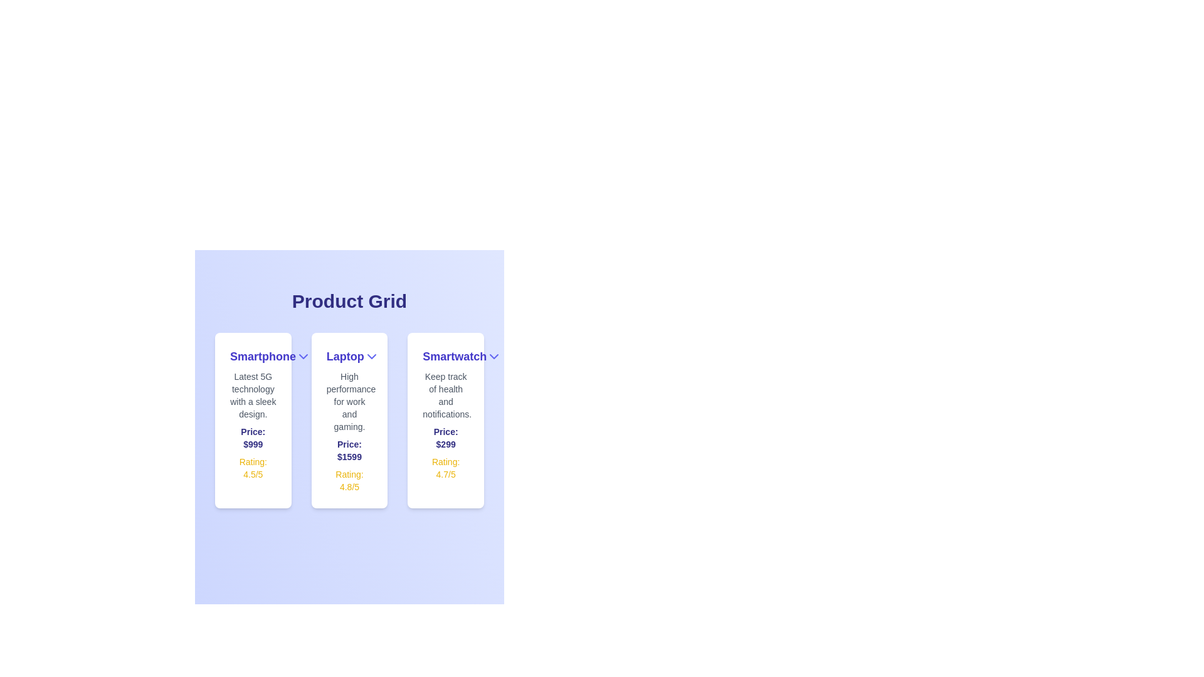 The height and width of the screenshot is (677, 1204). What do you see at coordinates (349, 421) in the screenshot?
I see `on the 'Laptop' product card, which is the second card in a grid of three, featuring a white background, rounded corners, and displaying the product title, description, price, and rating` at bounding box center [349, 421].